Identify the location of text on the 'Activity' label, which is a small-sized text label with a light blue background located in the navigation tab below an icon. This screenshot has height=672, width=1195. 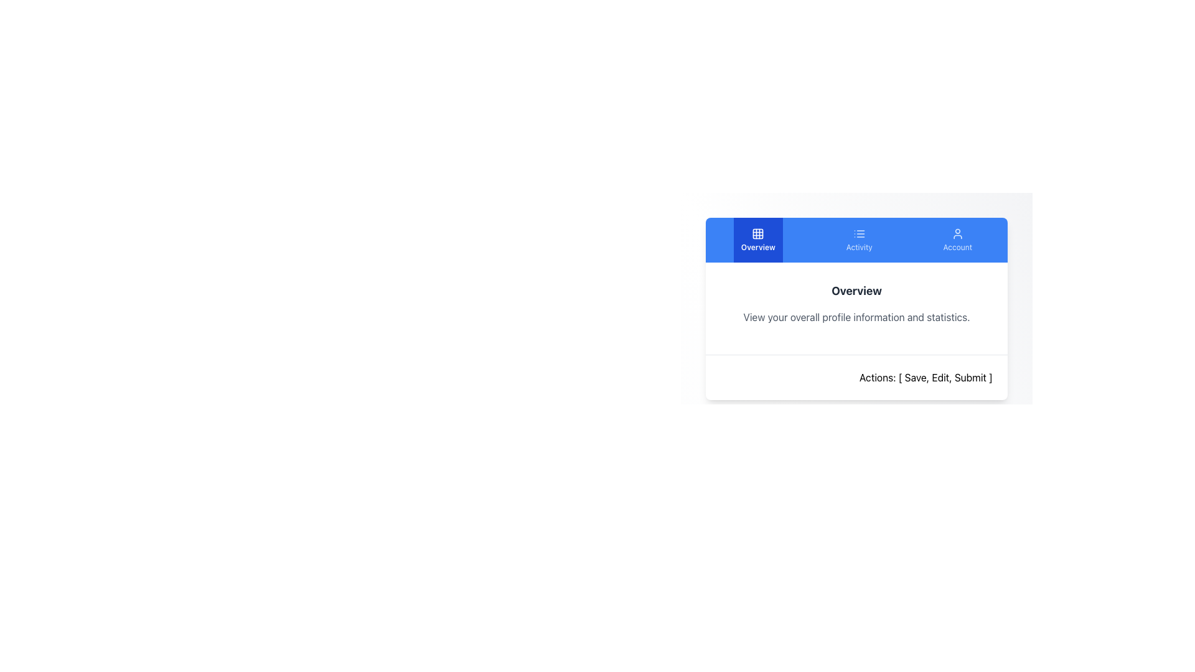
(858, 247).